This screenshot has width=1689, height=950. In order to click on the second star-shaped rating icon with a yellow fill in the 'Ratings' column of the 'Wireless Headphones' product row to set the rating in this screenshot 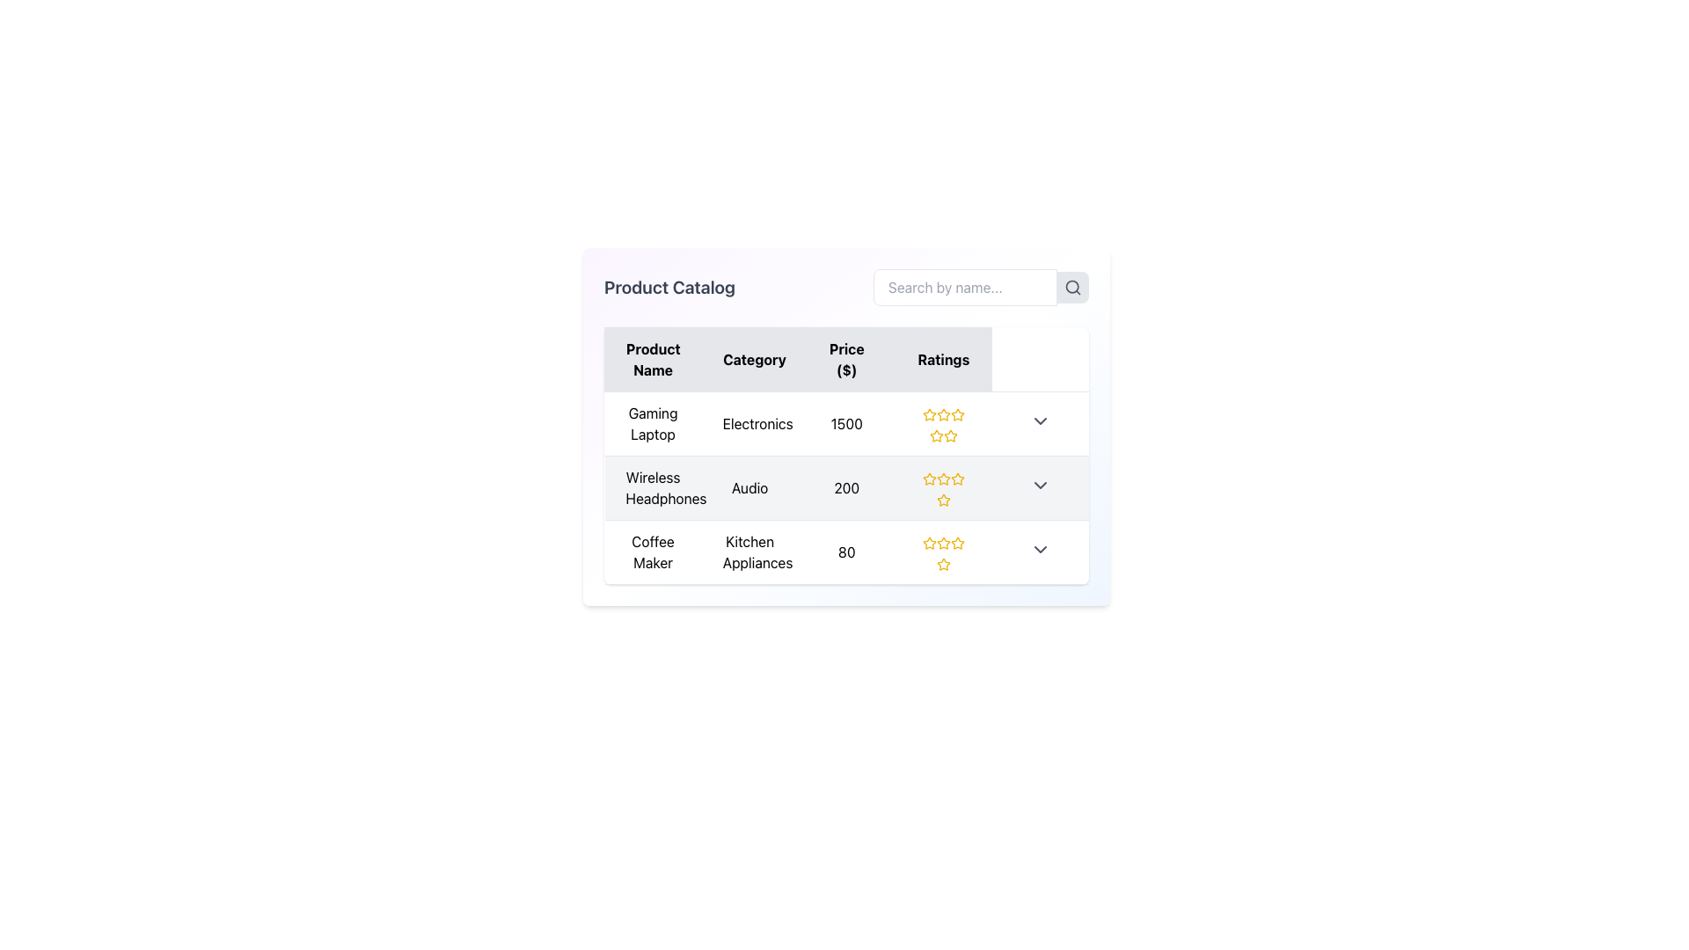, I will do `click(942, 479)`.